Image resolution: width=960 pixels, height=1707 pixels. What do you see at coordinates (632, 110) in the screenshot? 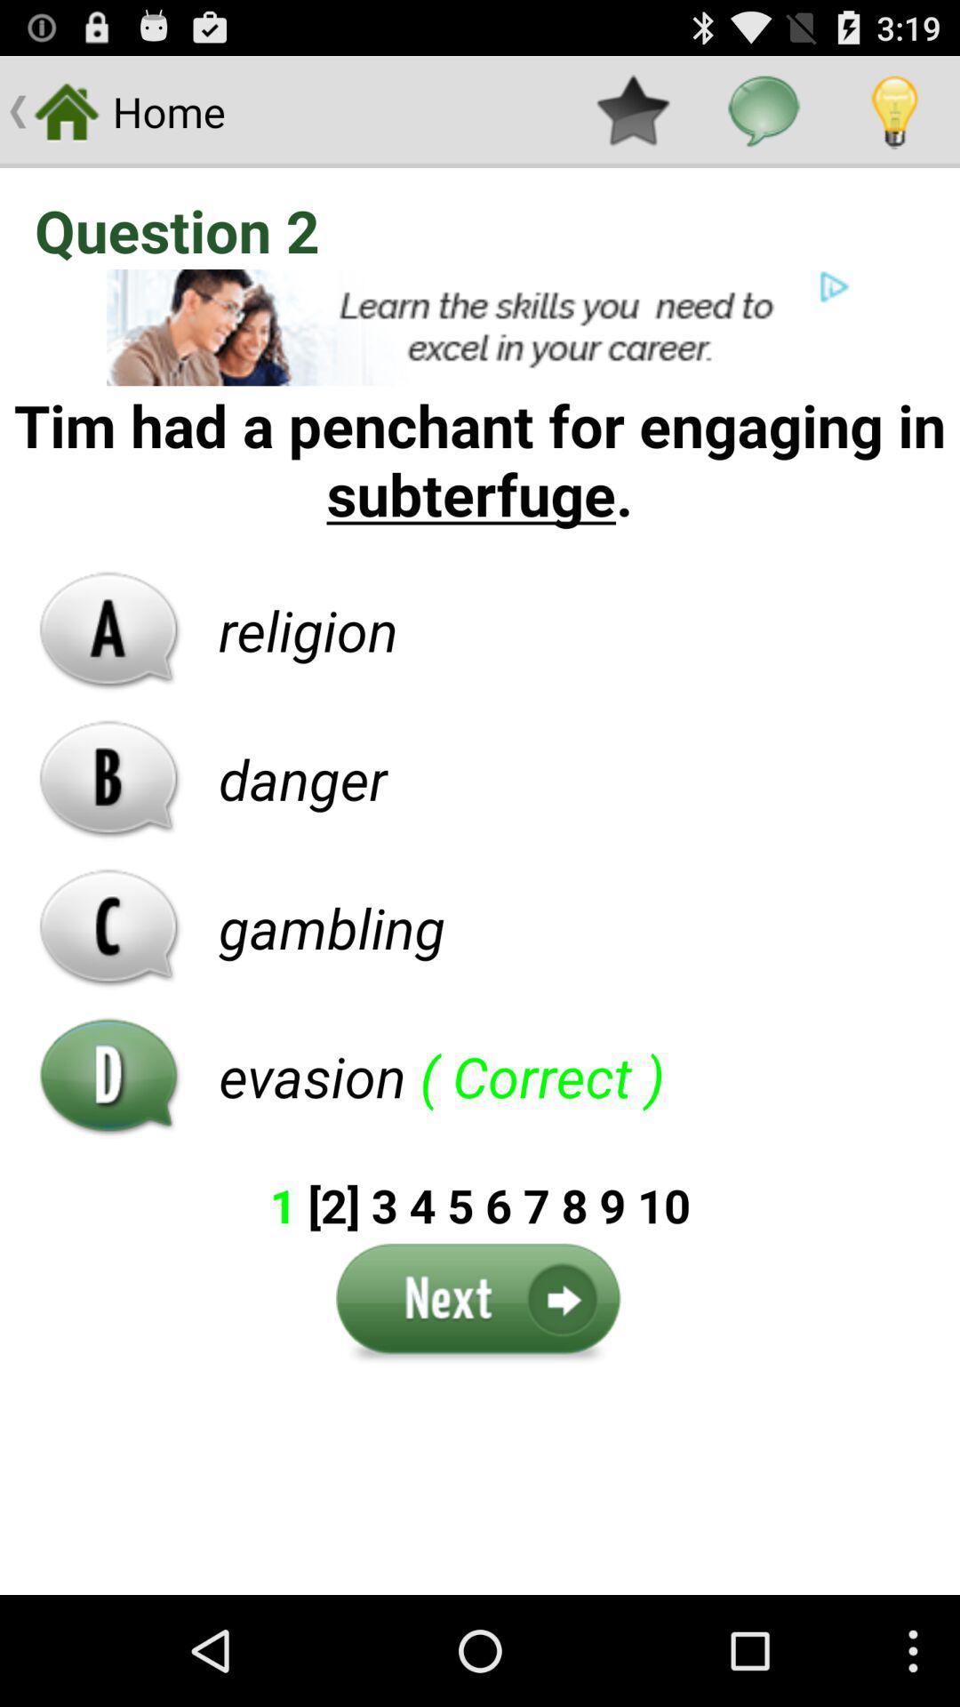
I see `the item to the right of the home app` at bounding box center [632, 110].